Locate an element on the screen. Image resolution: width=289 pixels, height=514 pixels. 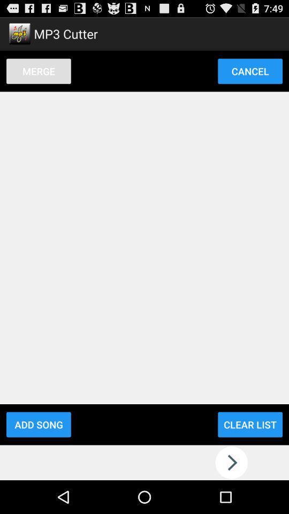
button to the right of merge icon is located at coordinates (250, 70).